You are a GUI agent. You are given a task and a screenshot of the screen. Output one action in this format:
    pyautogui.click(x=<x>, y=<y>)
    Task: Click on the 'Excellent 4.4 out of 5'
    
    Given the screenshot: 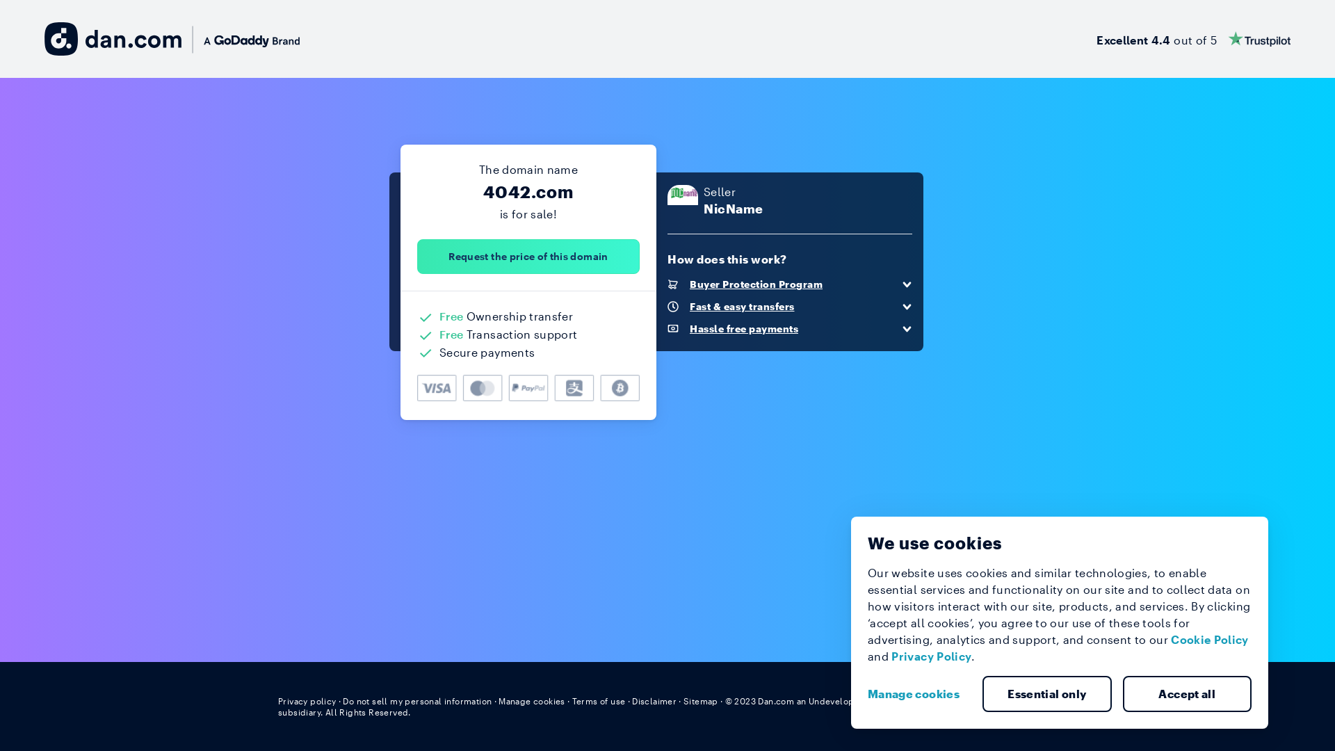 What is the action you would take?
    pyautogui.click(x=1192, y=38)
    